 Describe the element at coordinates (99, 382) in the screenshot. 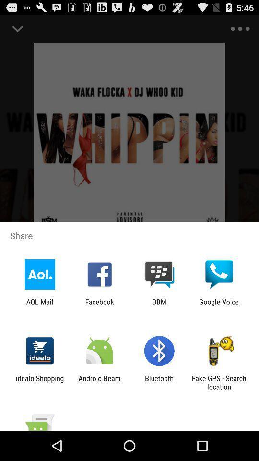

I see `the android beam` at that location.